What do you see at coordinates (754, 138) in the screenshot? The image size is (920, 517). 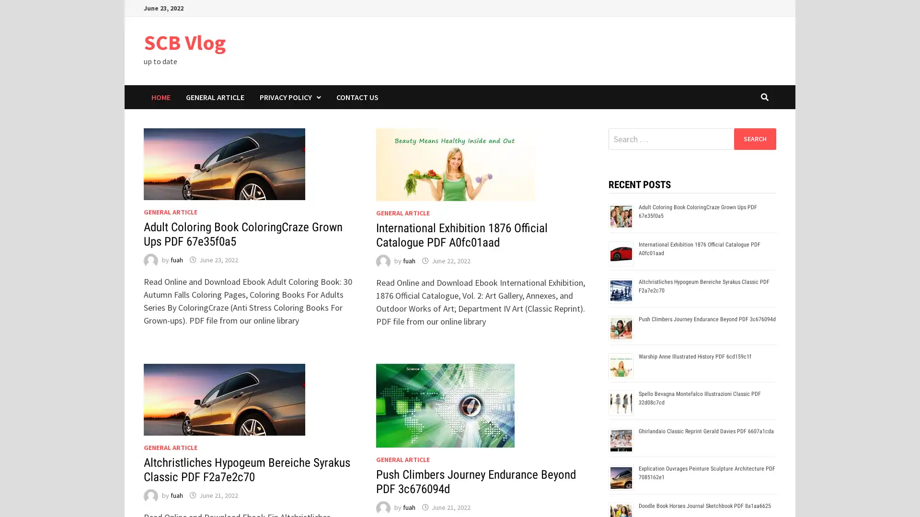 I see `Search` at bounding box center [754, 138].